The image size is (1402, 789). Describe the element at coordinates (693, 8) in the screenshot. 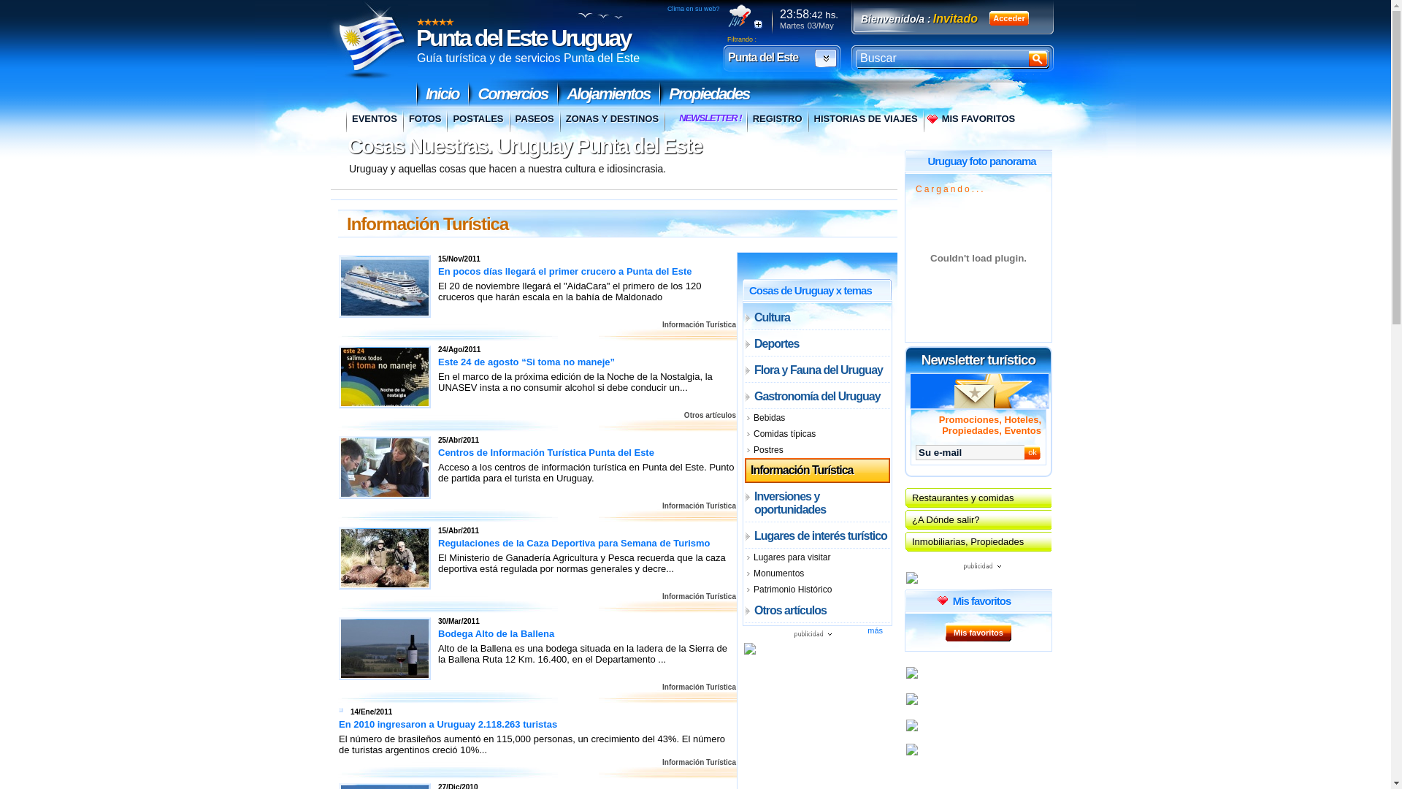

I see `'Clima en su web?'` at that location.